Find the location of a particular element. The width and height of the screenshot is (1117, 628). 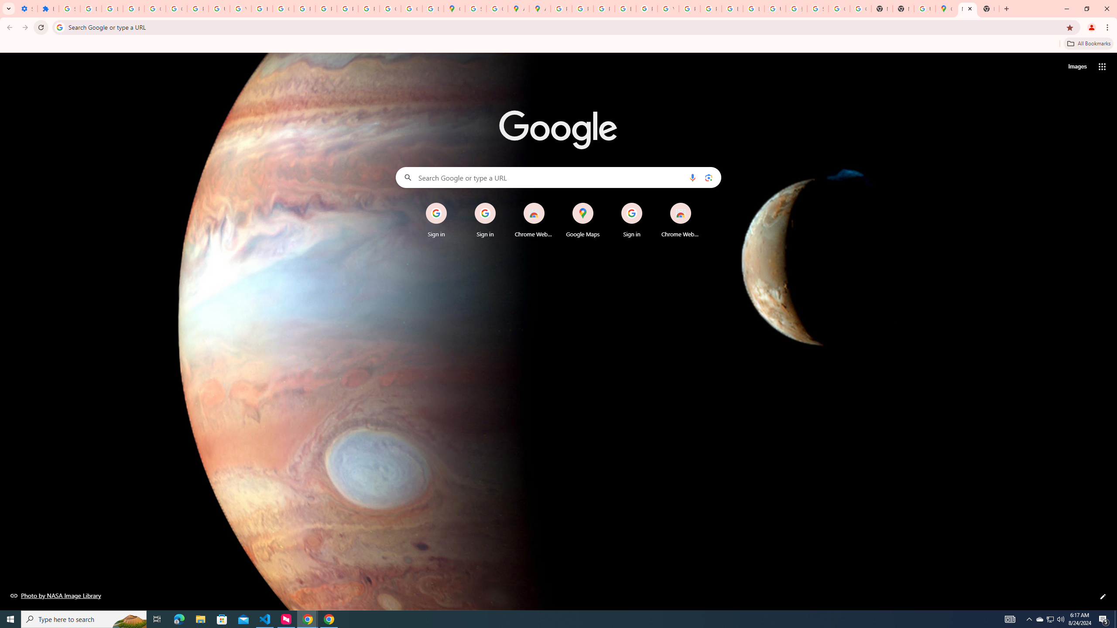

'Delete photos & videos - Computer - Google Photos Help' is located at coordinates (90, 8).